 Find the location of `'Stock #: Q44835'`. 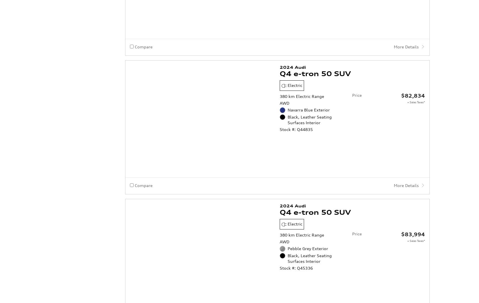

'Stock #: Q44835' is located at coordinates (296, 84).